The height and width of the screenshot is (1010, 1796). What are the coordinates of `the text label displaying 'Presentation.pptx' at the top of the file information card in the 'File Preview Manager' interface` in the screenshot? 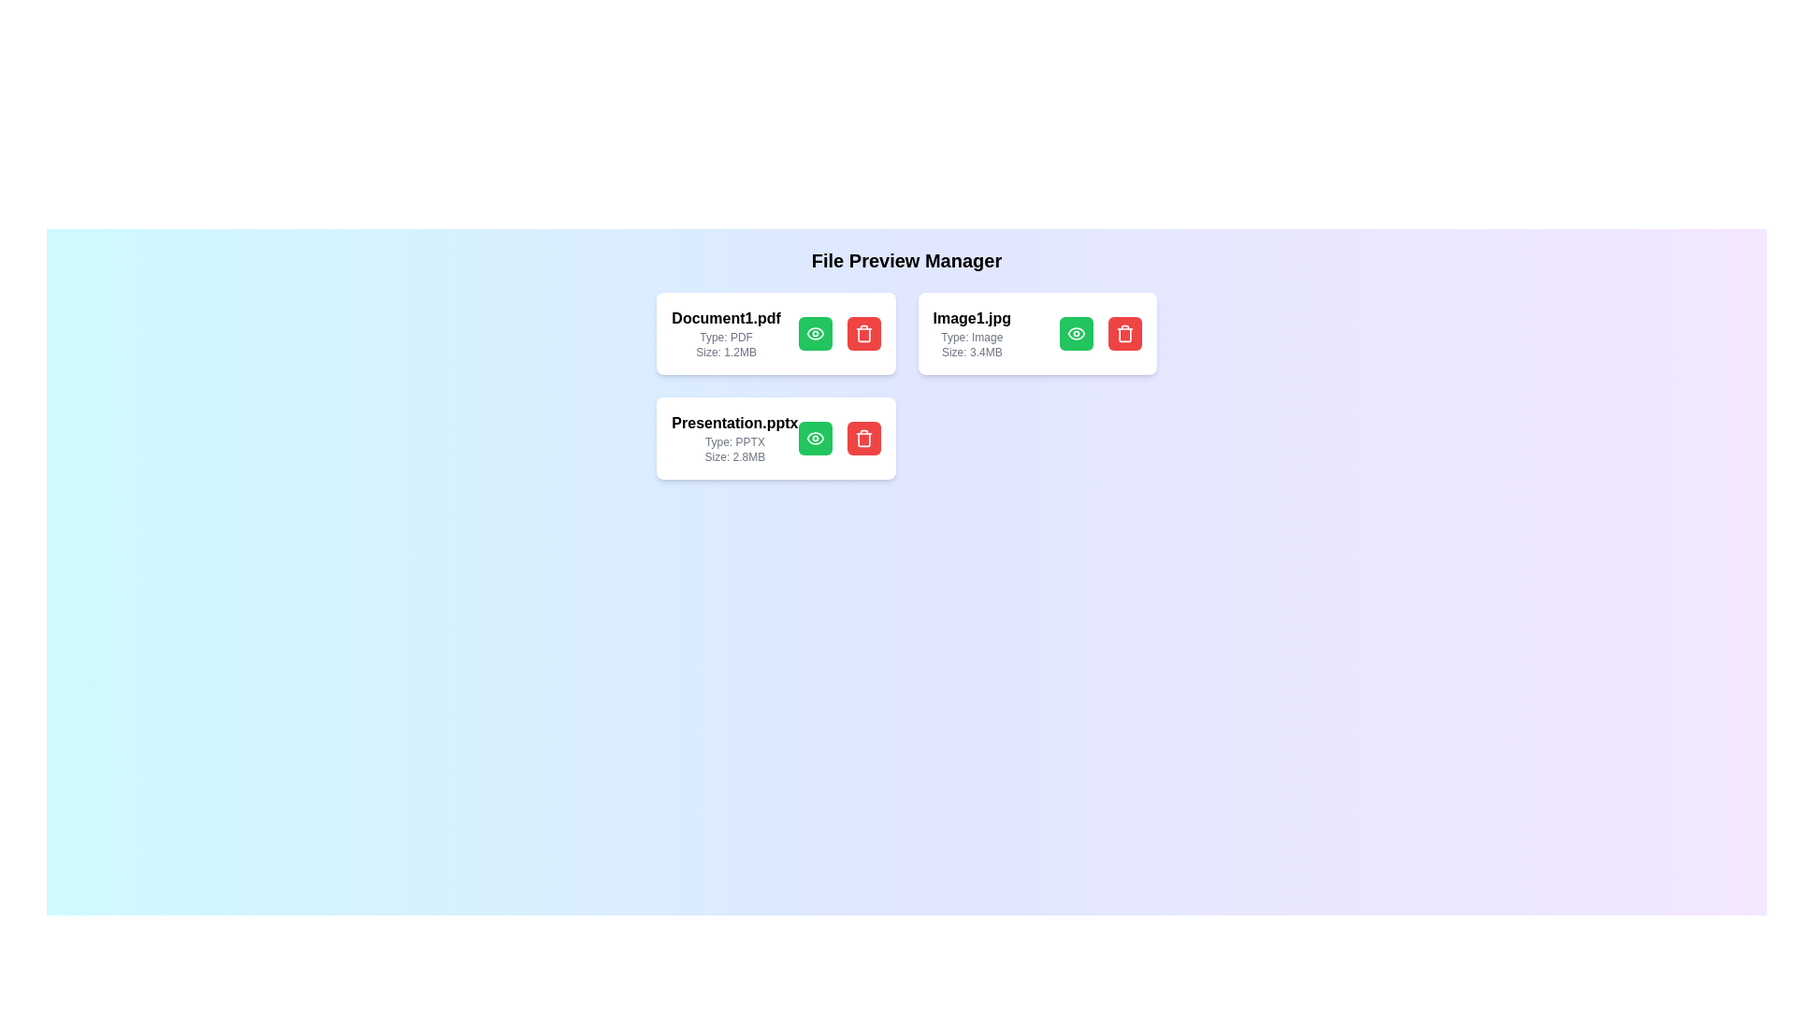 It's located at (733, 423).